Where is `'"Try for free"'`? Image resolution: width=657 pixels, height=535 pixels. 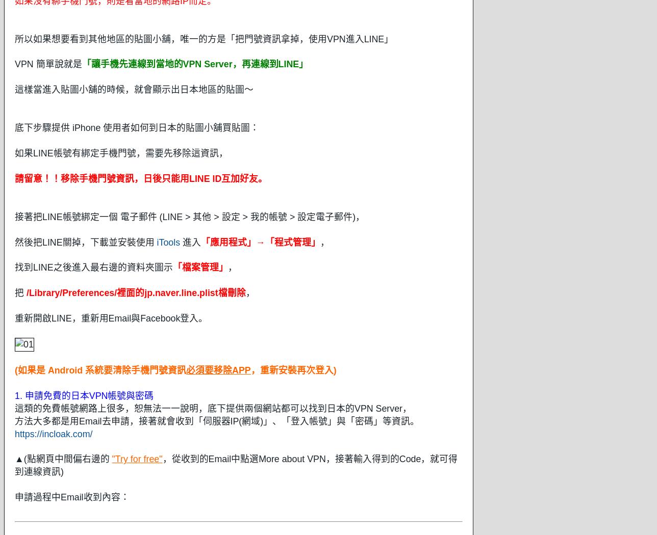 '"Try for free"' is located at coordinates (111, 459).